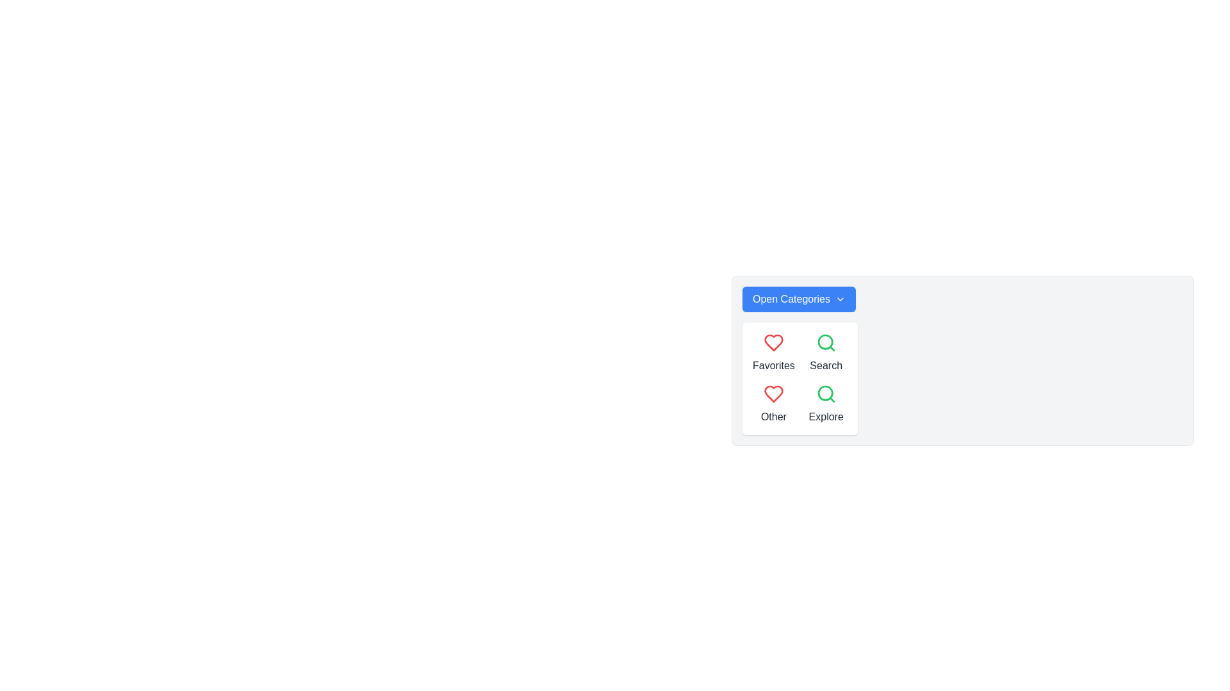 The height and width of the screenshot is (691, 1230). I want to click on the static text label that reads 'Search', styled with a class named 'text-gray-800', which is positioned adjacent to a magnifying glass icon, so click(826, 365).